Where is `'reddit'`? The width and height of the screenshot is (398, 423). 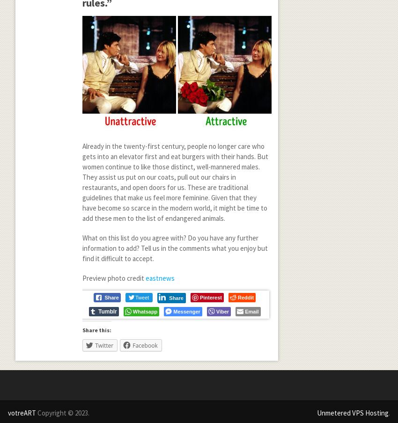
'reddit' is located at coordinates (245, 297).